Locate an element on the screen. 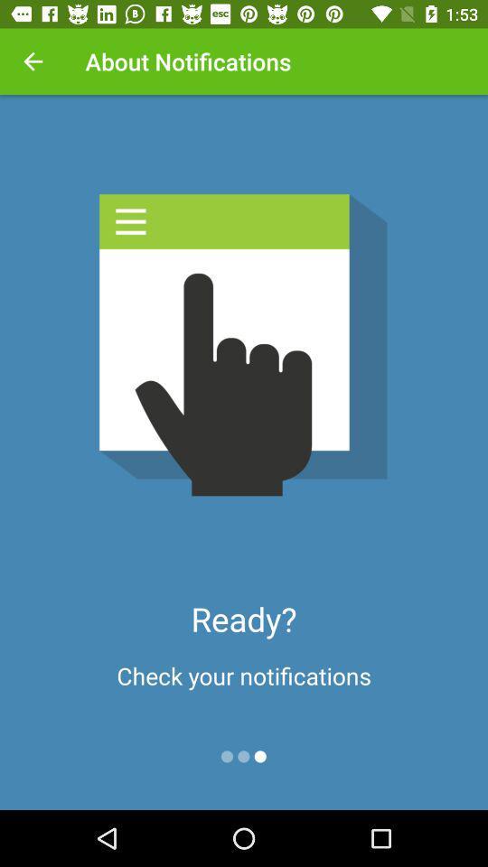  item at the top left corner is located at coordinates (33, 61).